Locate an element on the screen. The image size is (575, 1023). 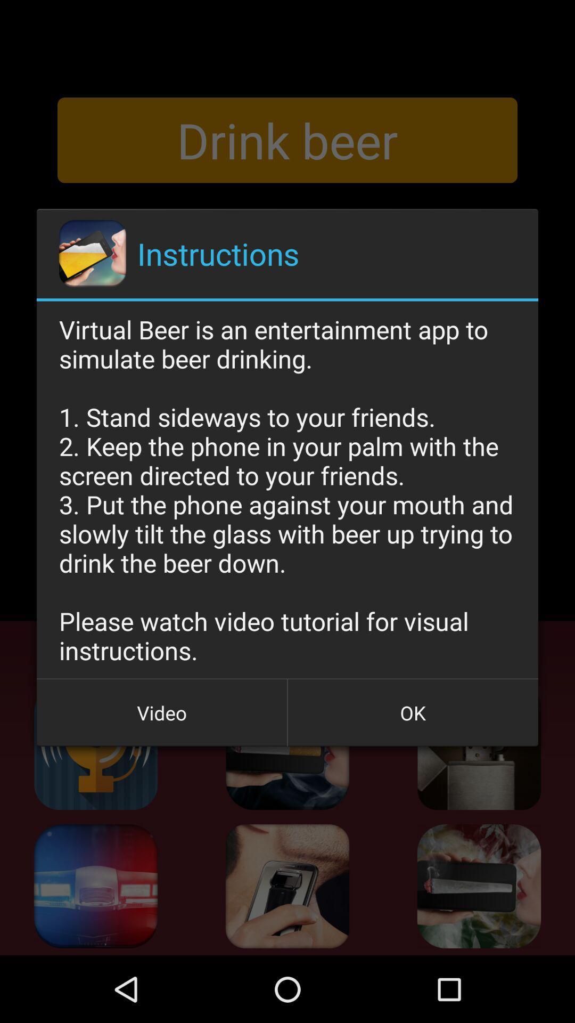
the icon next to video icon is located at coordinates (412, 713).